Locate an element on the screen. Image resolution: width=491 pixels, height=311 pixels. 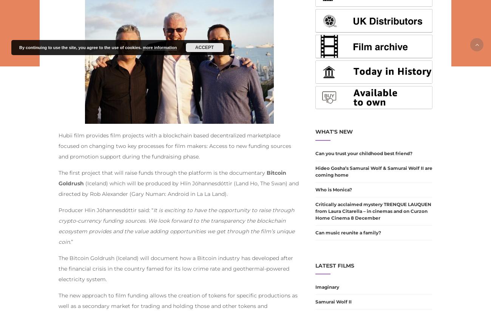
'more information' is located at coordinates (160, 47).